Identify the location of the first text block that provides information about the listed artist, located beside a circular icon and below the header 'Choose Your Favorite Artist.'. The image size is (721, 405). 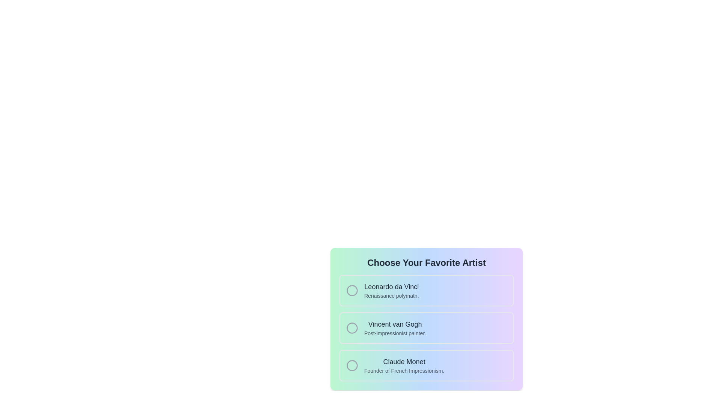
(391, 290).